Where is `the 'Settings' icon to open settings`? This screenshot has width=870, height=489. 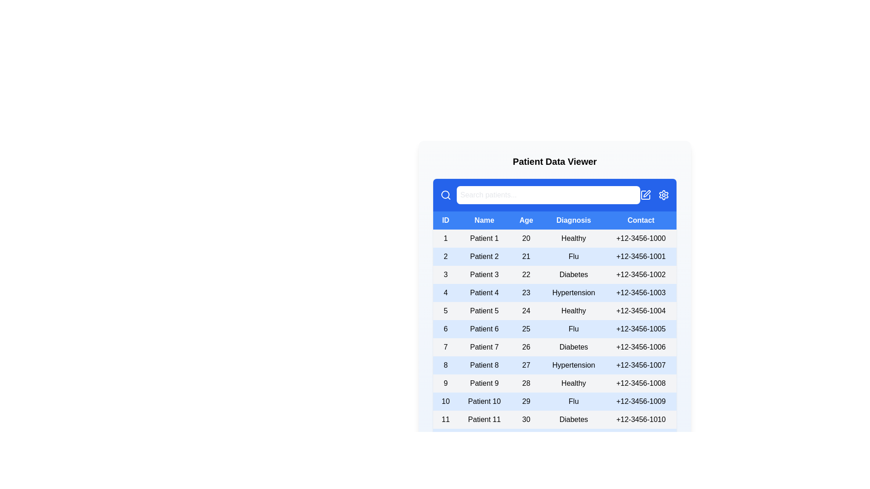
the 'Settings' icon to open settings is located at coordinates (663, 195).